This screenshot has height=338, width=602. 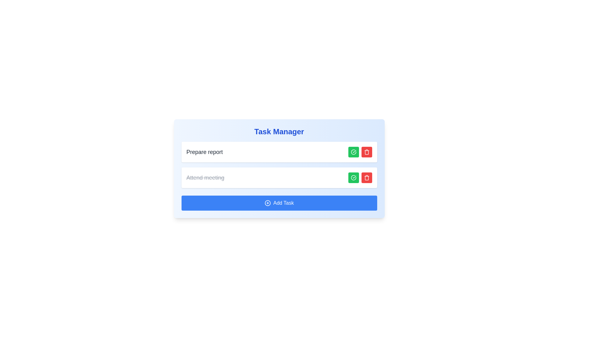 I want to click on the delete button with a trashcan icon located in the second task row of the task management interface, adjacent to the green checkmark button, so click(x=367, y=177).